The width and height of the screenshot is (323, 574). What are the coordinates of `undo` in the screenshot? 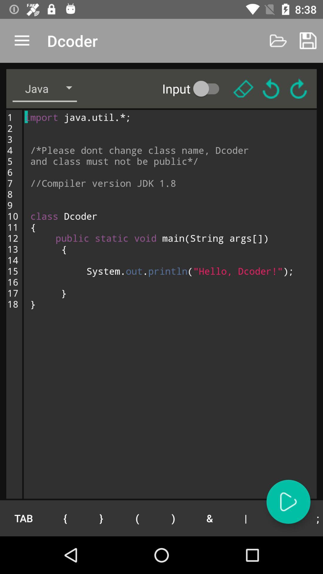 It's located at (271, 88).